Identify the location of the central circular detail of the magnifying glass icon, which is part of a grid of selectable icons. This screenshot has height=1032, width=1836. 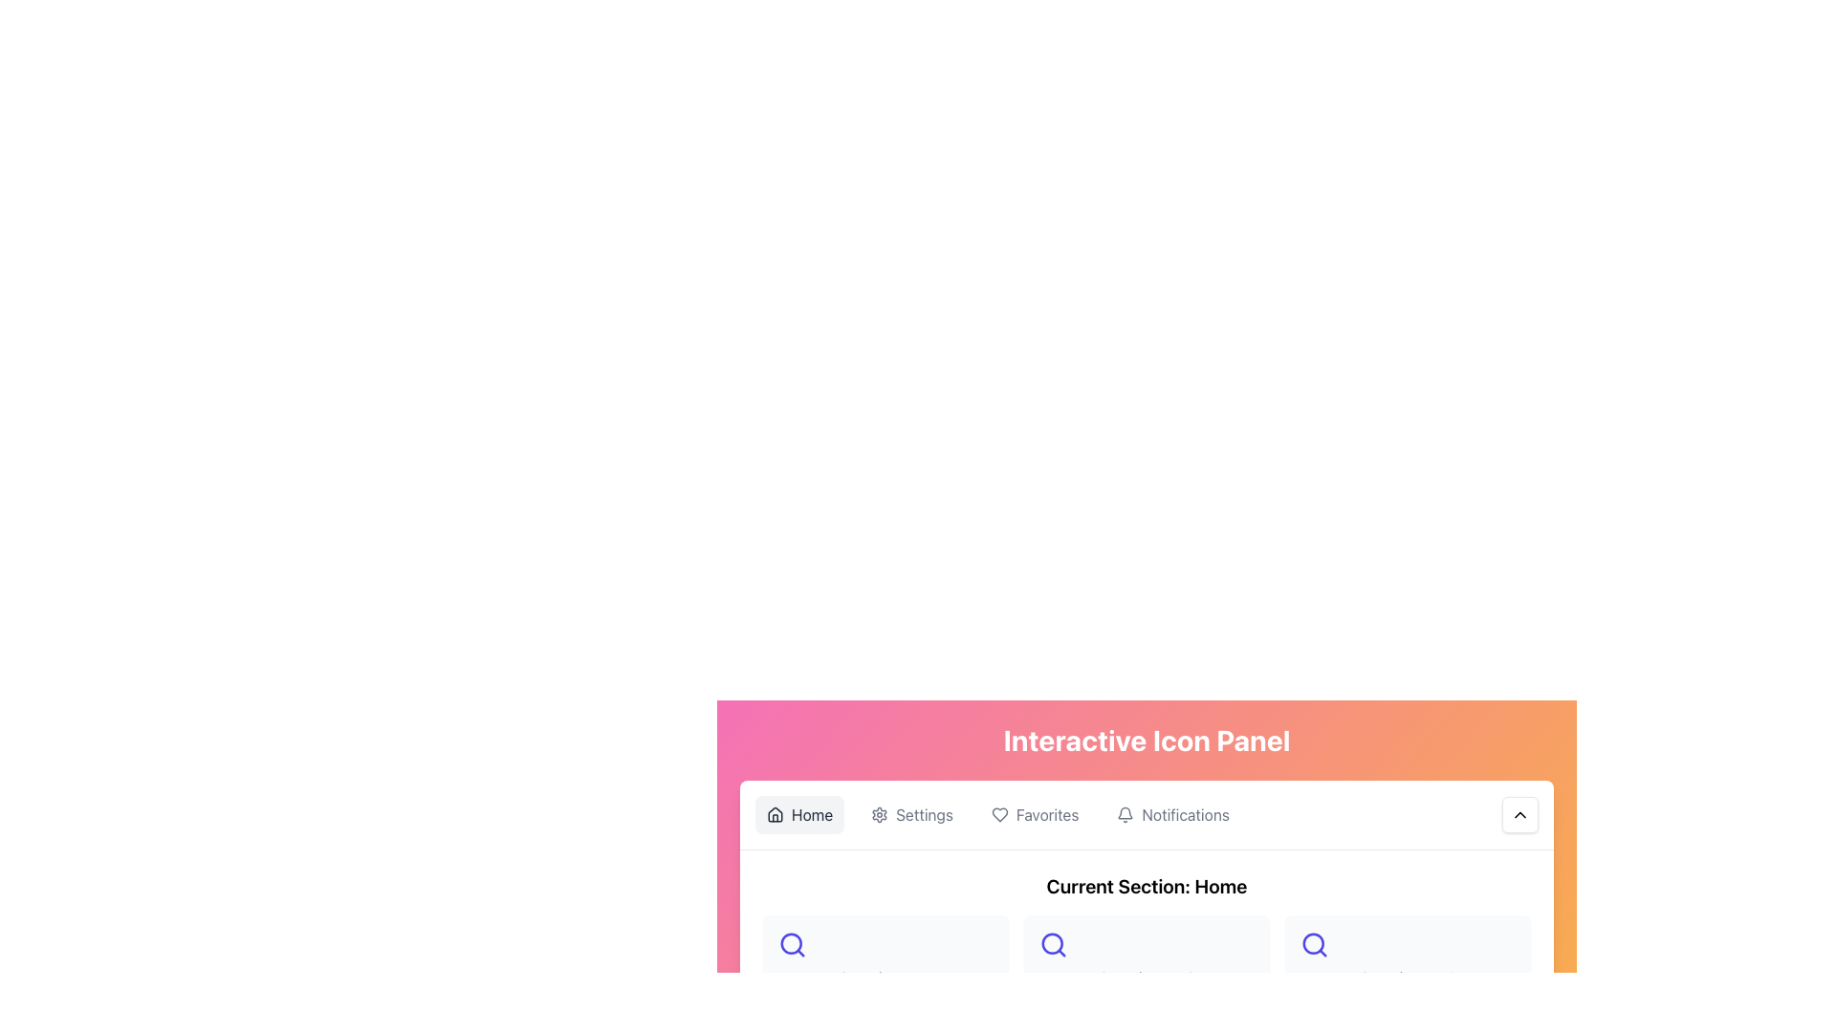
(791, 942).